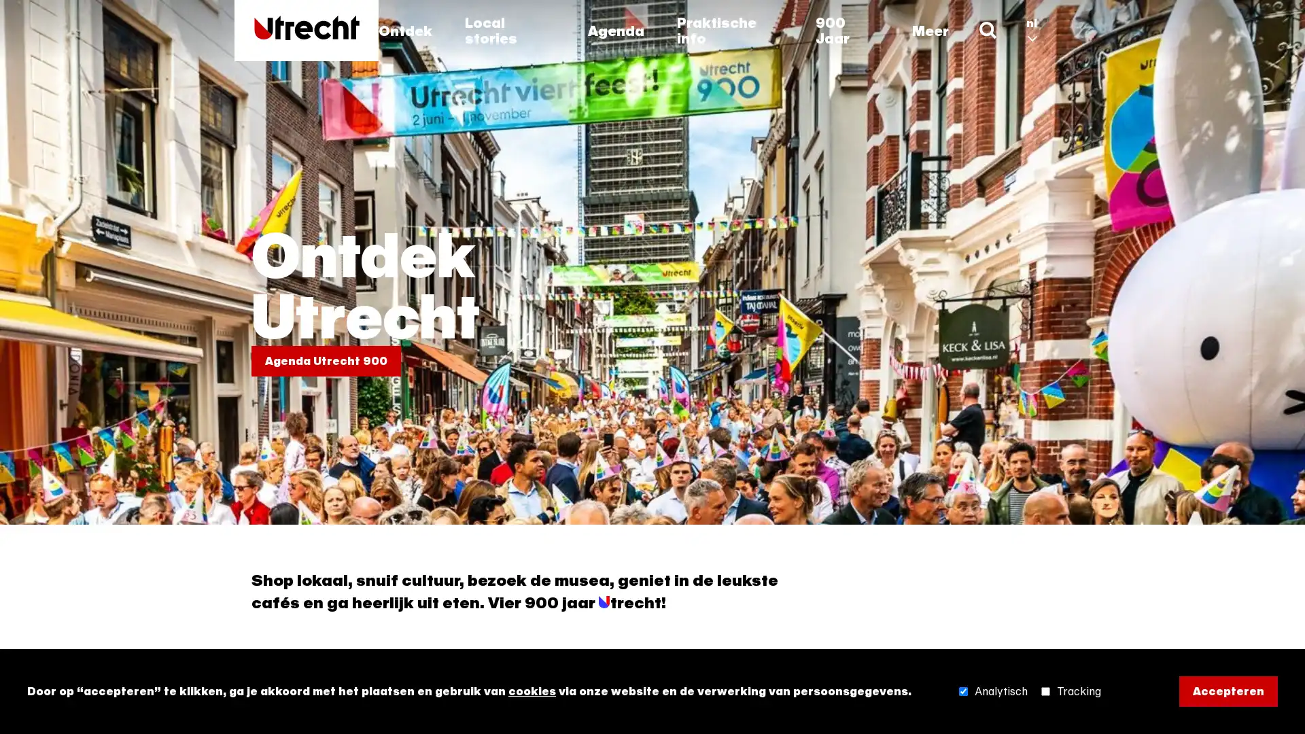  Describe the element at coordinates (326, 360) in the screenshot. I see `Agenda Utrecht 900` at that location.